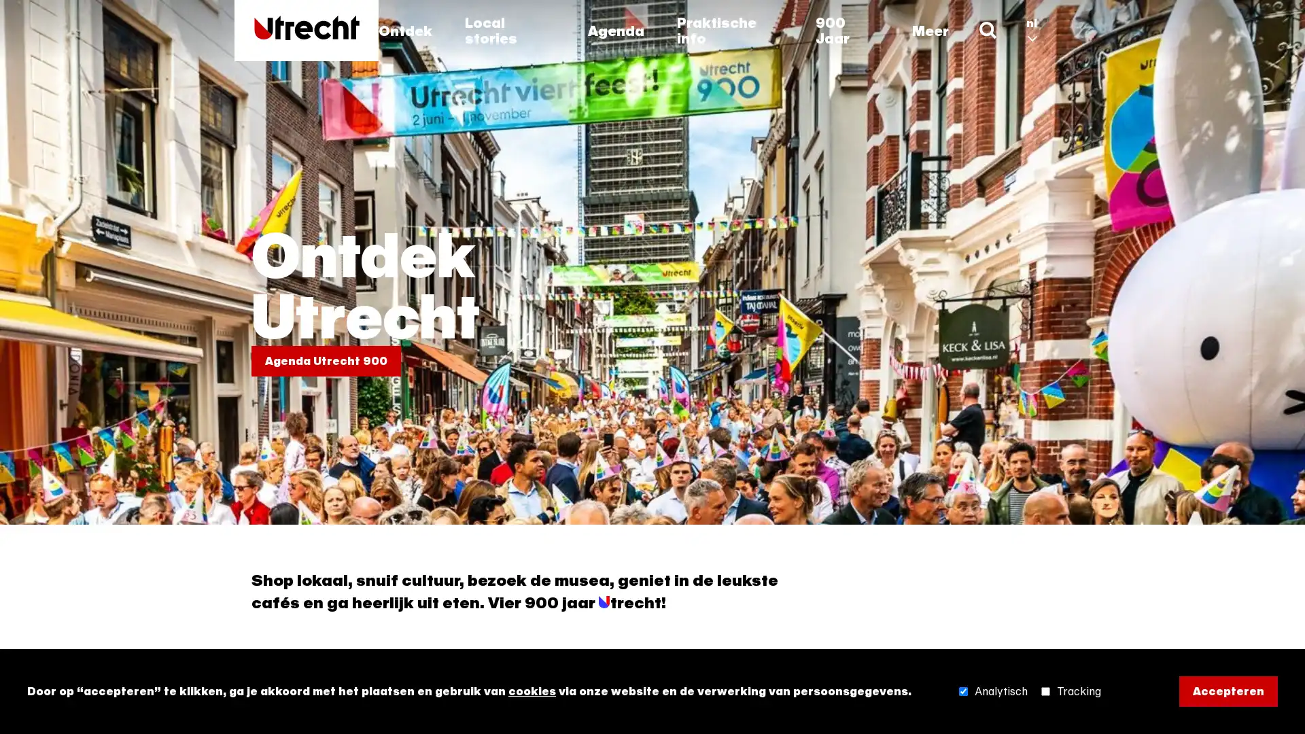  Describe the element at coordinates (326, 360) in the screenshot. I see `Agenda Utrecht 900` at that location.